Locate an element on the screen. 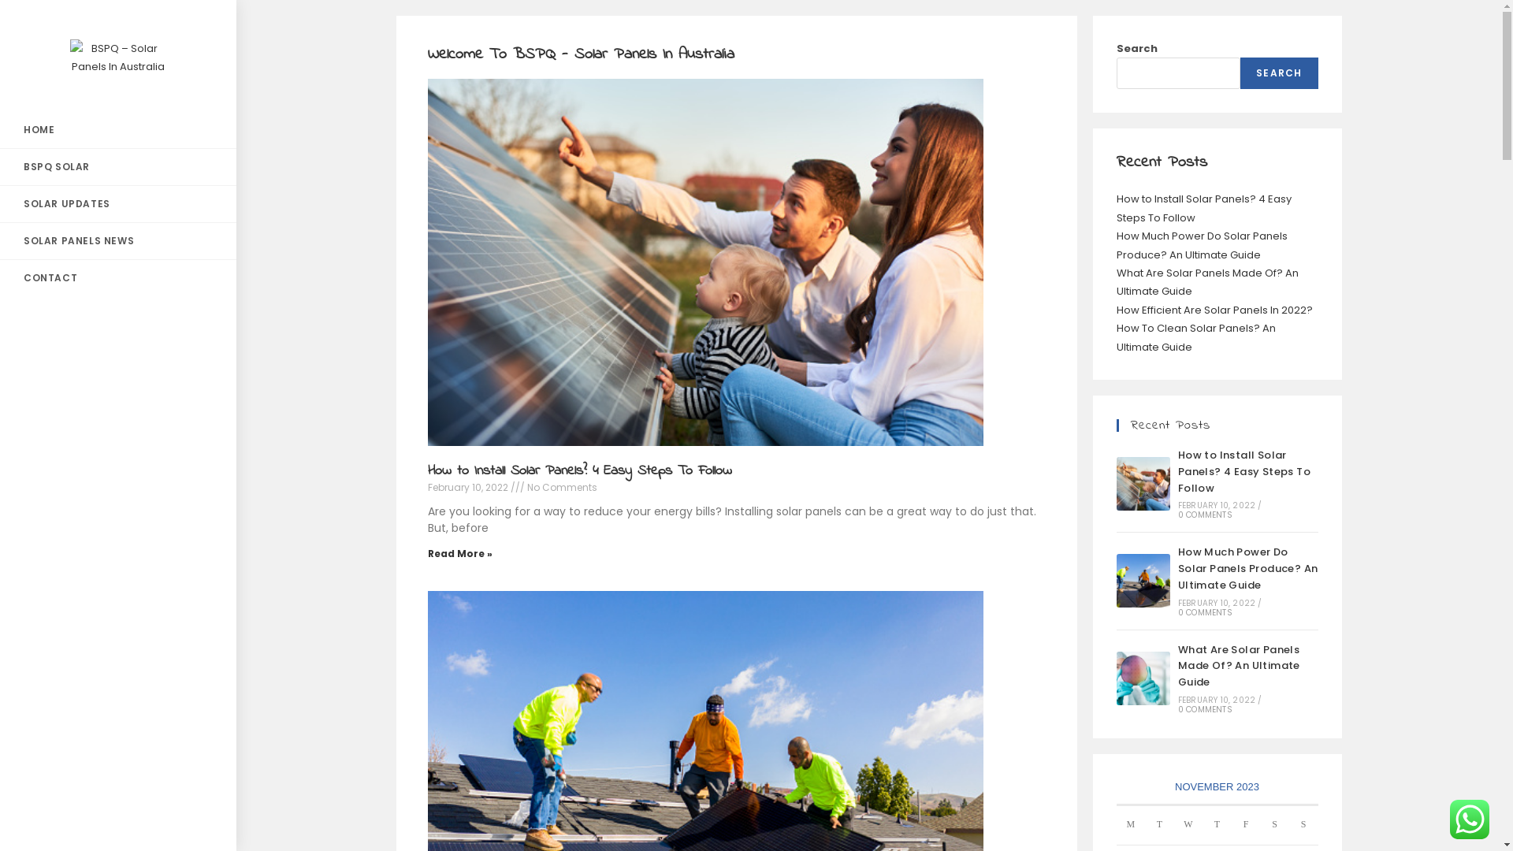 The image size is (1513, 851). 'How to Install Solar Panels? 4 Easy Steps To Follow' is located at coordinates (1243, 470).